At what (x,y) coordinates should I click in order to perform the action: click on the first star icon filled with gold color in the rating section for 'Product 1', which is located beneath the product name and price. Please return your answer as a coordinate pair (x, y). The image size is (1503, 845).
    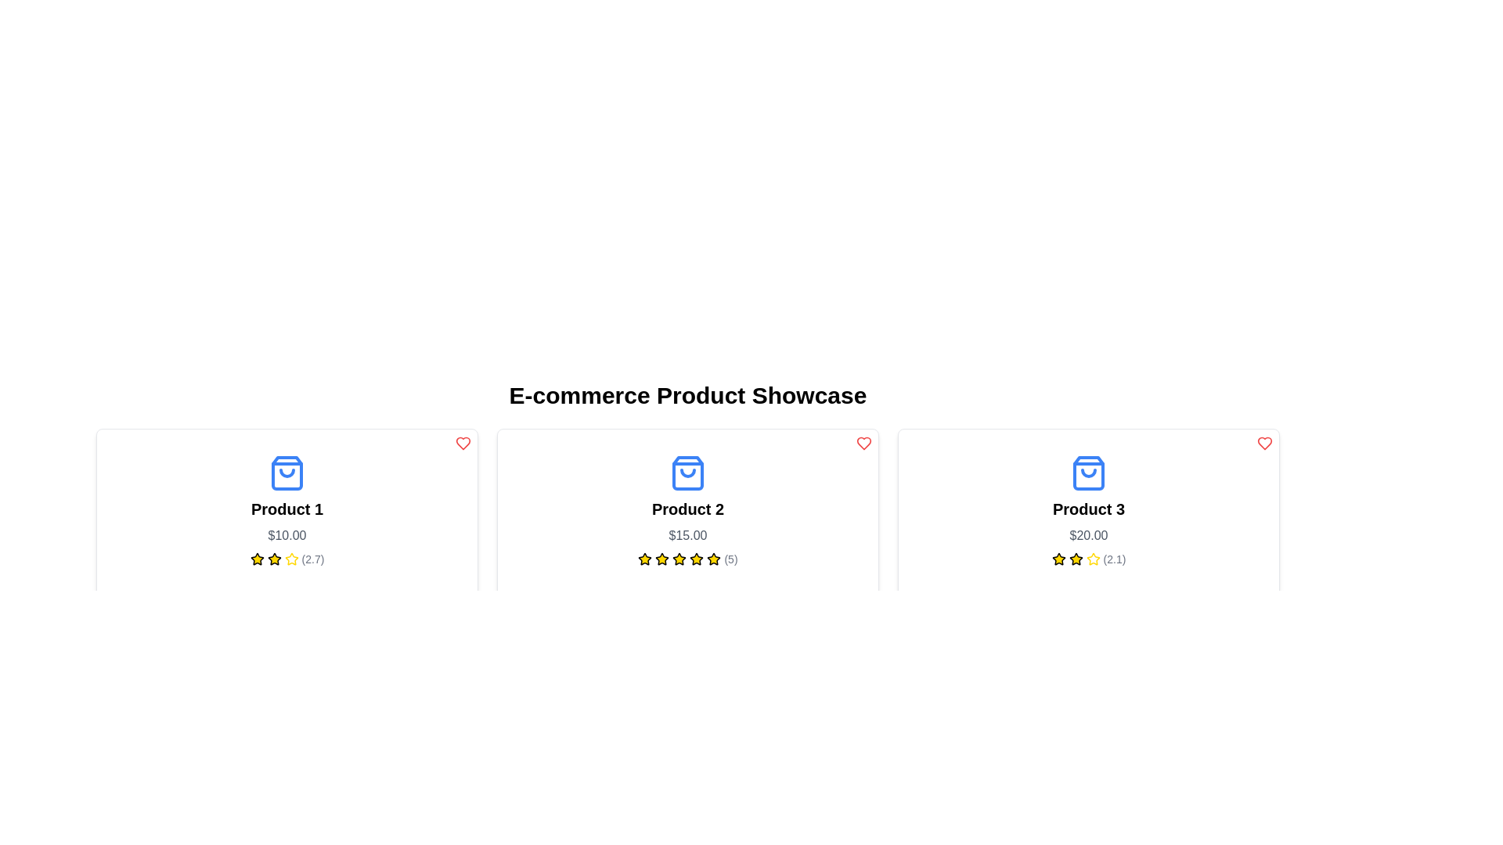
    Looking at the image, I should click on (257, 558).